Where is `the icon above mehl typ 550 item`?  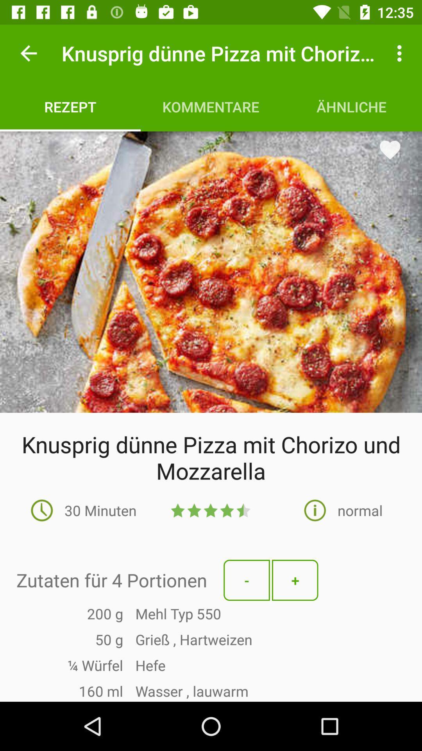 the icon above mehl typ 550 item is located at coordinates (295, 580).